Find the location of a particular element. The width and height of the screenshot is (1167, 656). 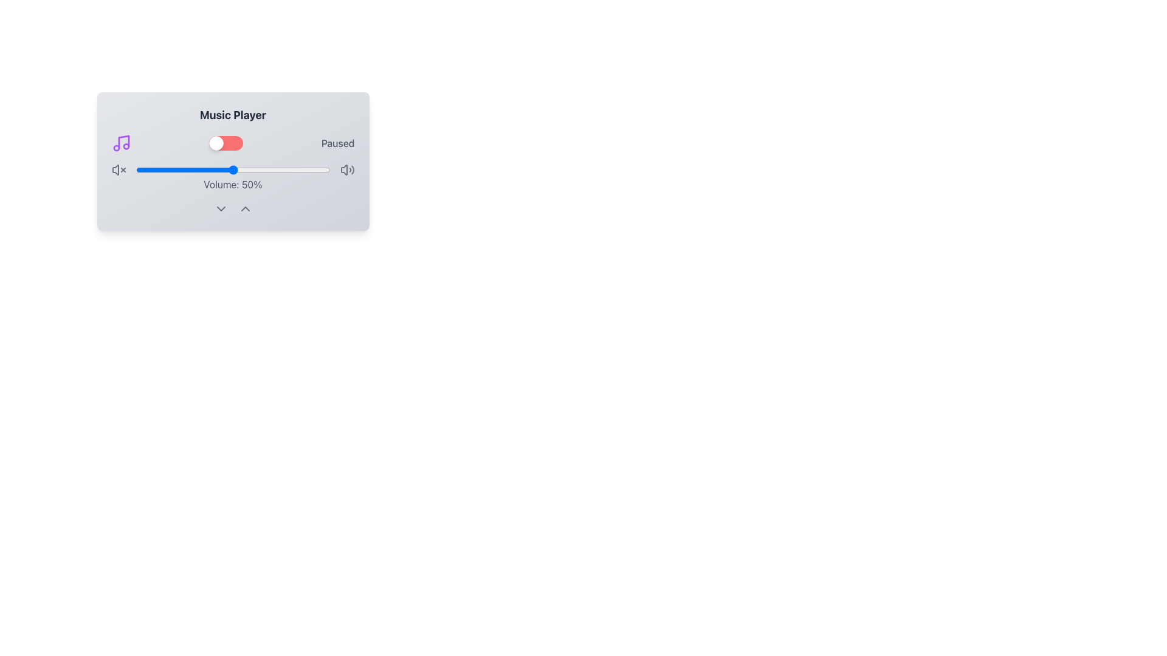

the stylized speaker icon with sound wave lines, the first element is located at coordinates (343, 170).